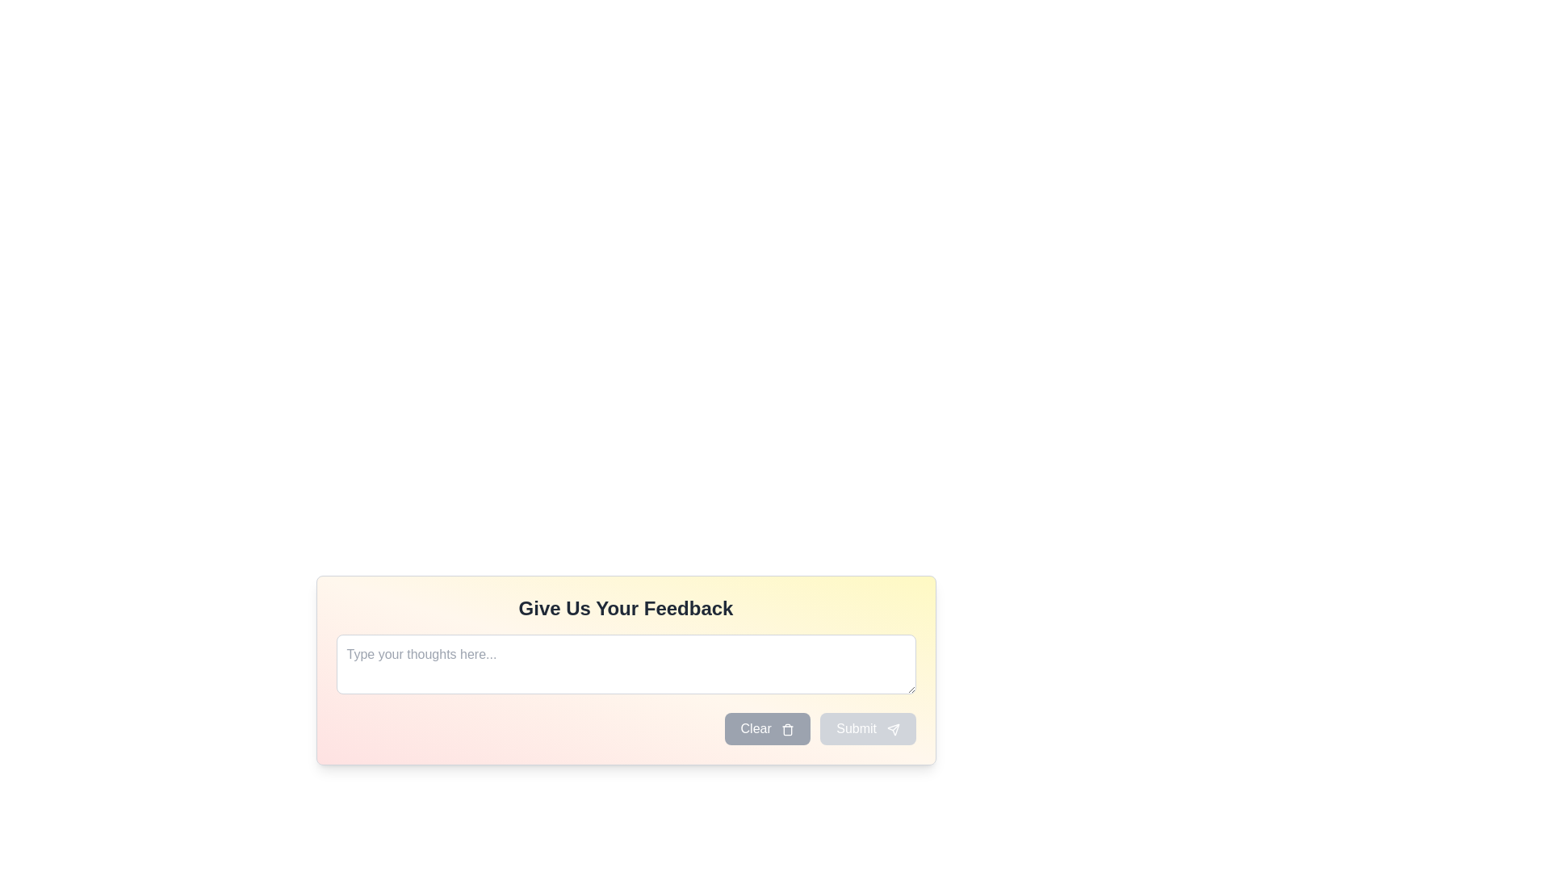 Image resolution: width=1550 pixels, height=872 pixels. I want to click on the 'Clear' button, which is a rectangular button with rounded corners, gray background, and white text, located towards the bottom right of the feedback form, so click(766, 728).